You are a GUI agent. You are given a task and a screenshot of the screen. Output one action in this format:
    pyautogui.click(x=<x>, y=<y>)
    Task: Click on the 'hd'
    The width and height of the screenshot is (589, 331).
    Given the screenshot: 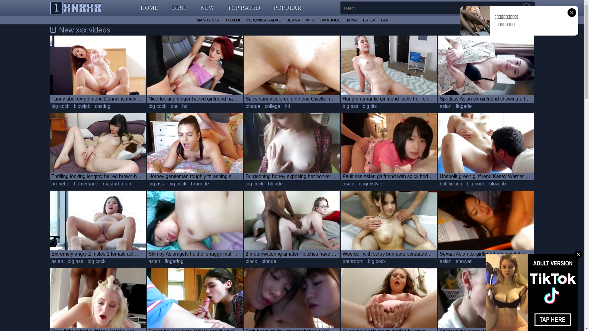 What is the action you would take?
    pyautogui.click(x=185, y=106)
    